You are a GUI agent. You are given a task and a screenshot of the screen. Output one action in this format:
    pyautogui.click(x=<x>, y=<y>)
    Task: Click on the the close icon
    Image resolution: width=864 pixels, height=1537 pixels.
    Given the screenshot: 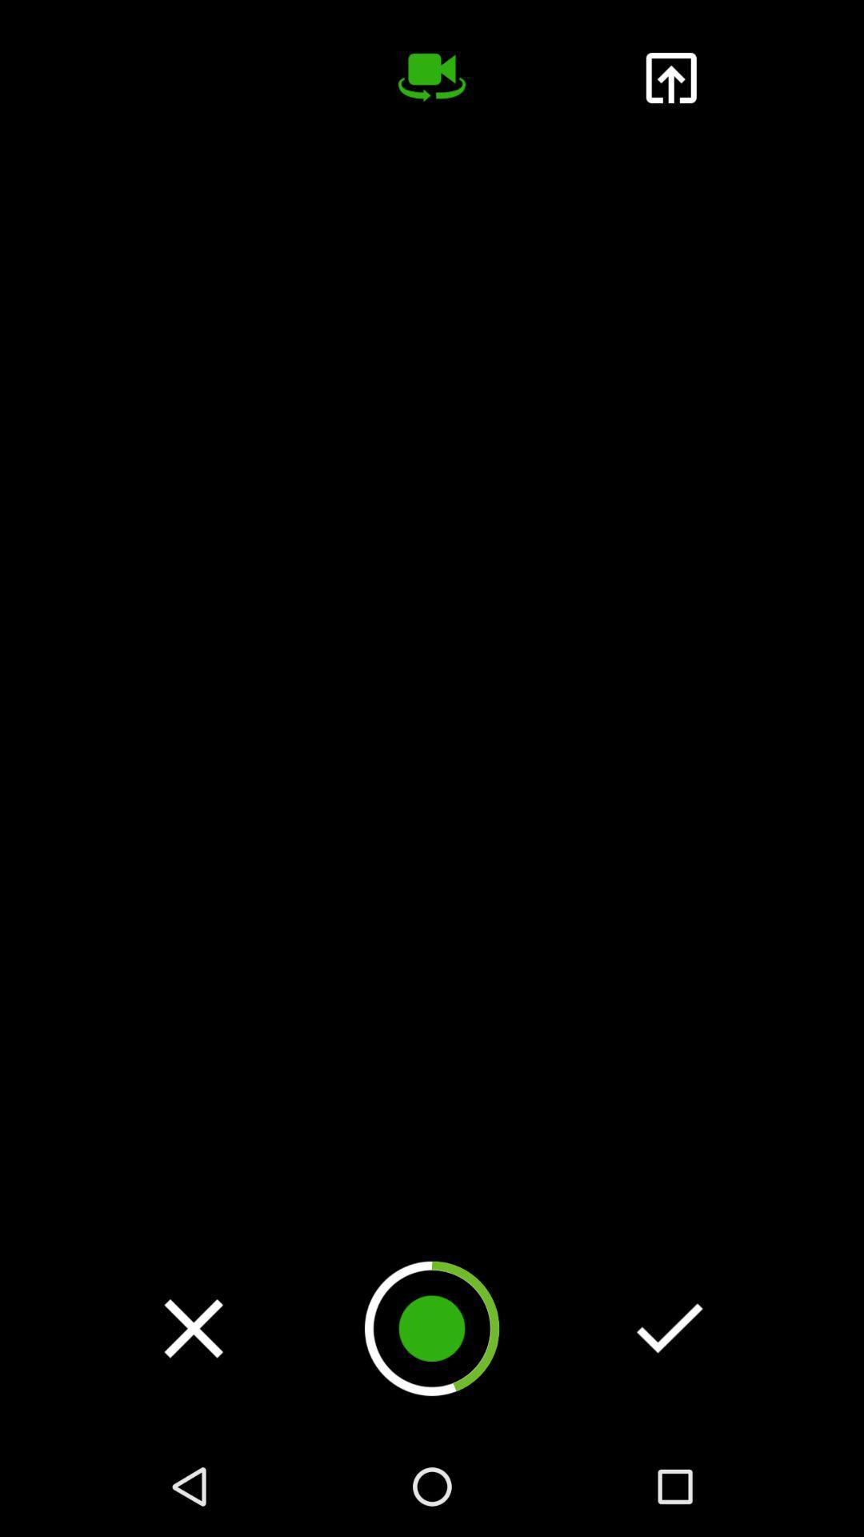 What is the action you would take?
    pyautogui.click(x=193, y=1328)
    